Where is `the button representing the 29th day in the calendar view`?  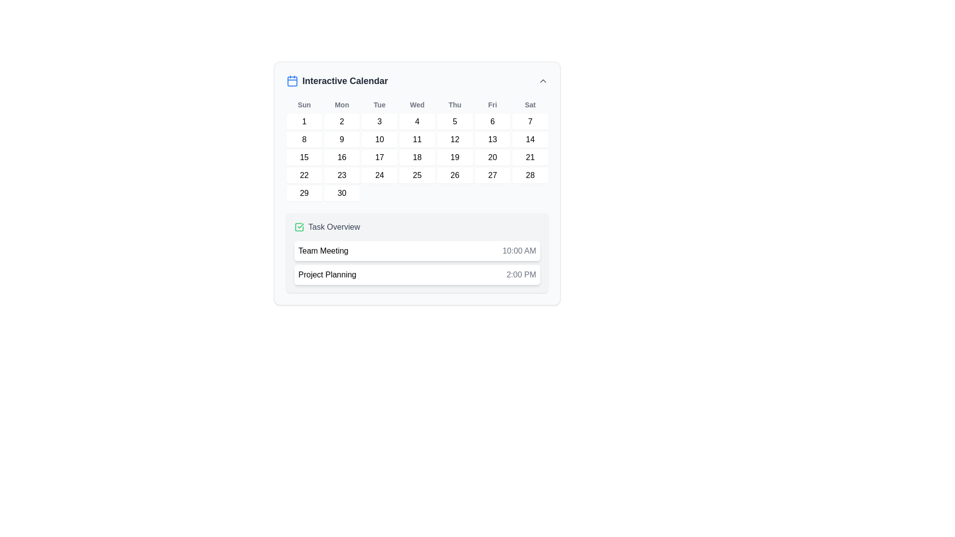
the button representing the 29th day in the calendar view is located at coordinates (303, 193).